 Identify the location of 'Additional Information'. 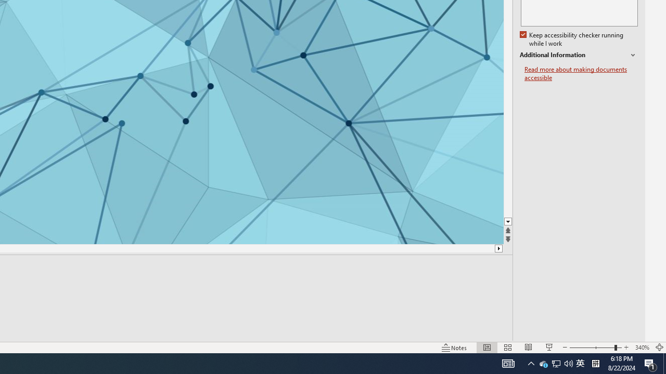
(578, 55).